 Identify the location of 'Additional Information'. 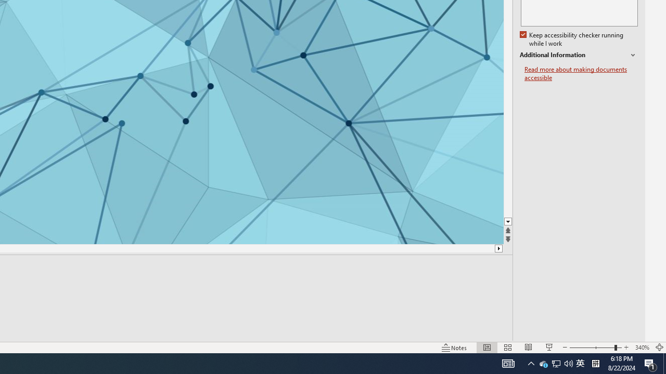
(578, 55).